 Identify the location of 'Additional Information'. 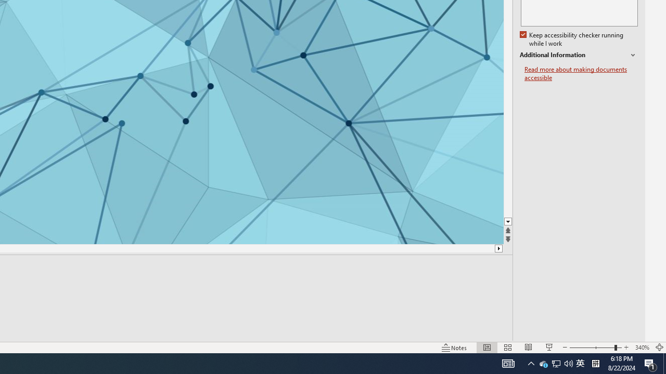
(578, 55).